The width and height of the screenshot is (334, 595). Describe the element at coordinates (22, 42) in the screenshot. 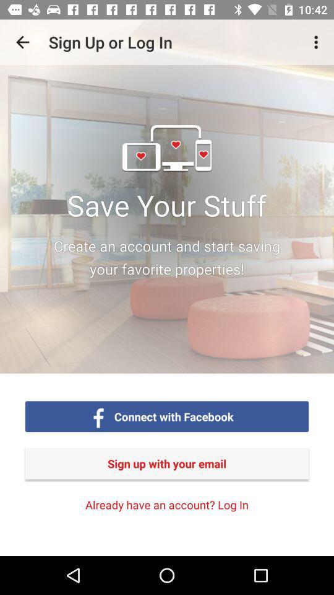

I see `app next to the sign up or icon` at that location.